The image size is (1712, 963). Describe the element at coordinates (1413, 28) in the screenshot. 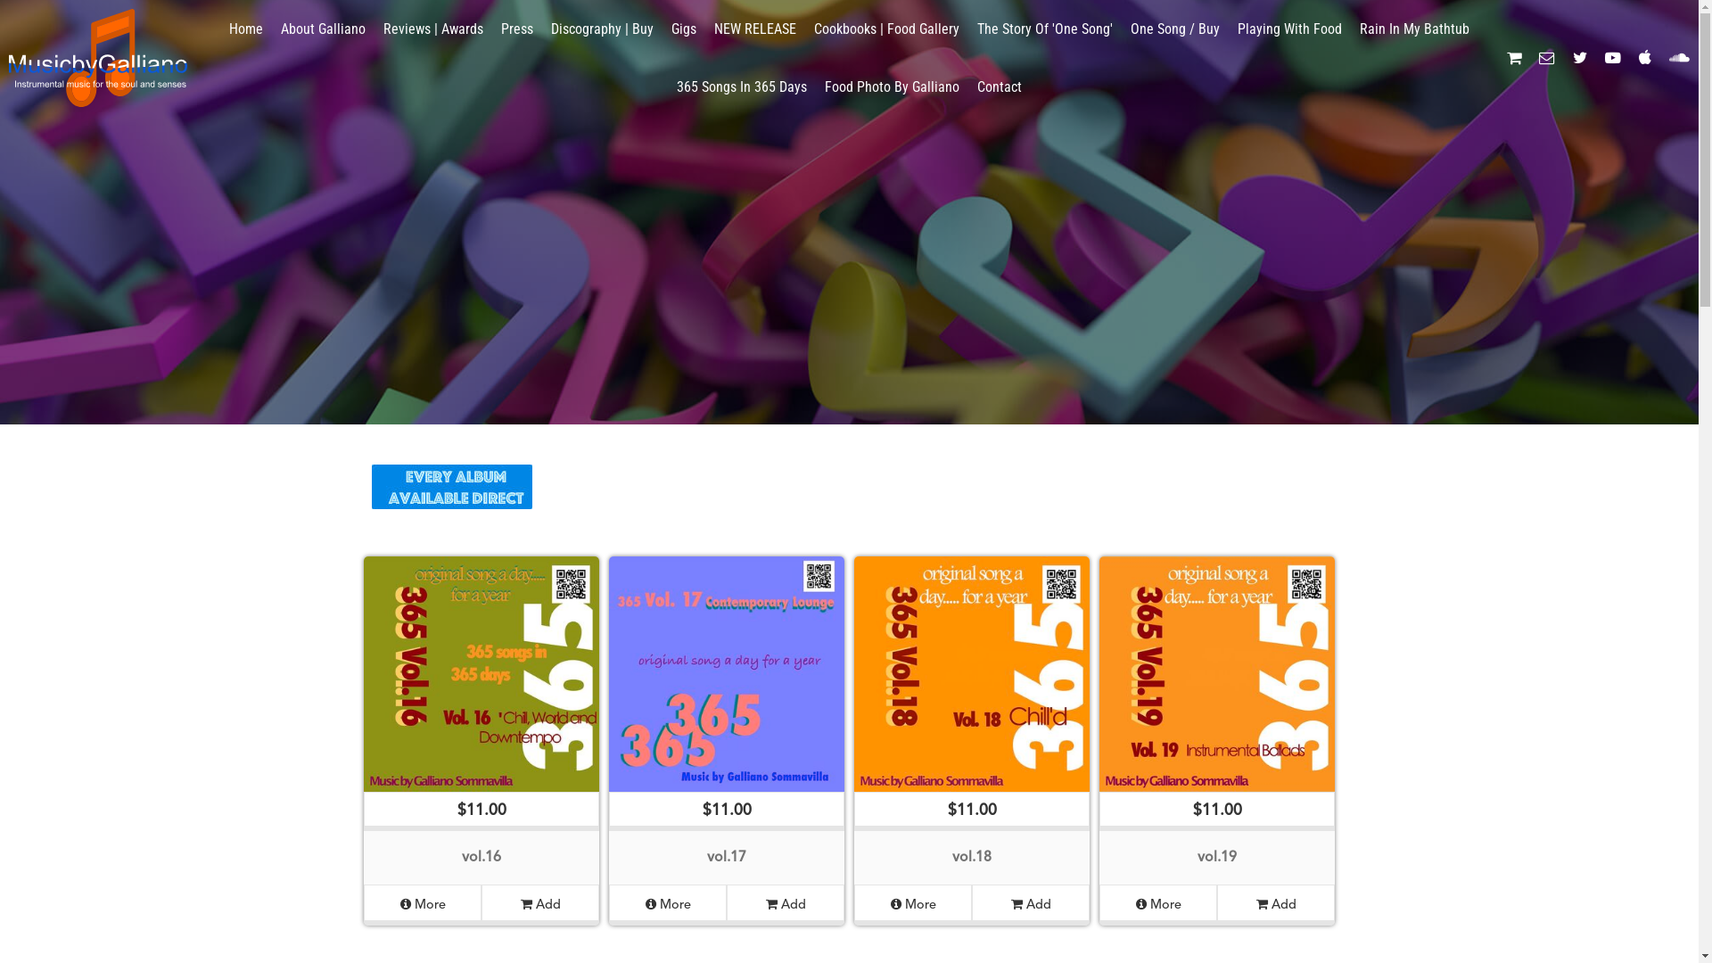

I see `'Rain In My Bathtub'` at that location.